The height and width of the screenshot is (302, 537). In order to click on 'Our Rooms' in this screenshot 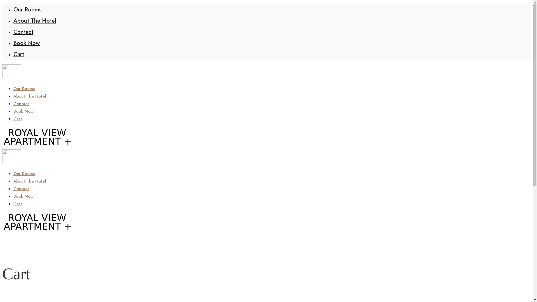, I will do `click(24, 88)`.